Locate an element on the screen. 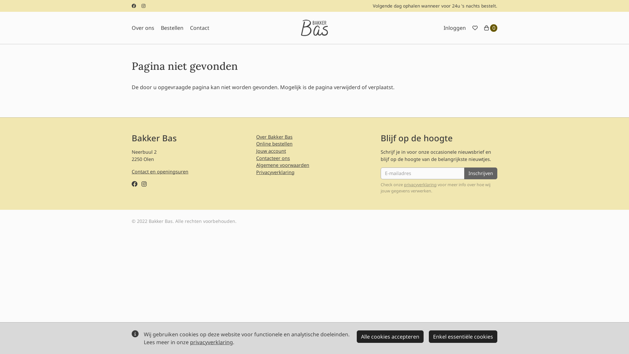  'Privacyverklaring' is located at coordinates (275, 172).